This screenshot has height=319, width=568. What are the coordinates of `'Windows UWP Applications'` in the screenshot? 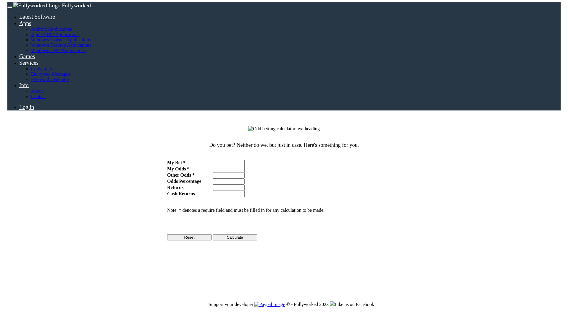 It's located at (58, 50).